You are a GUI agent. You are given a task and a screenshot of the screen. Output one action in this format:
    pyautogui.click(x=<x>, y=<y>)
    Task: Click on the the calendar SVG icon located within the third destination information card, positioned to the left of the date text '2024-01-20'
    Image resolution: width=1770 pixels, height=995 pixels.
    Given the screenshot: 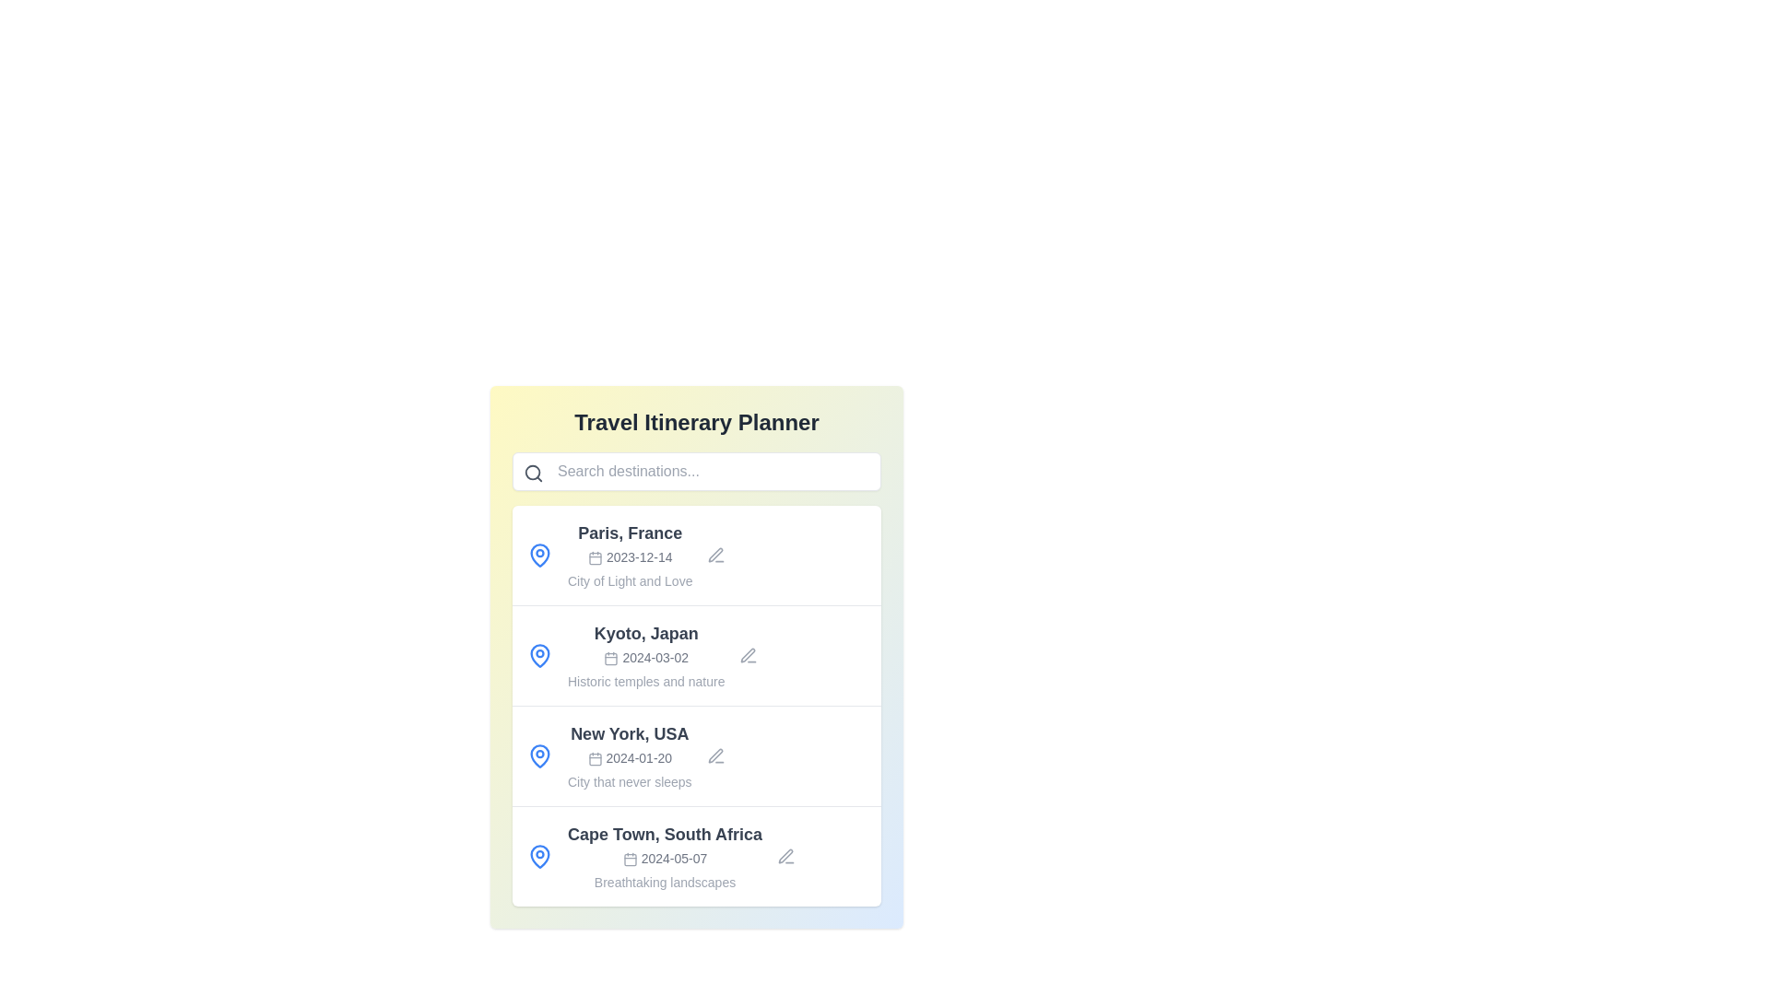 What is the action you would take?
    pyautogui.click(x=595, y=758)
    